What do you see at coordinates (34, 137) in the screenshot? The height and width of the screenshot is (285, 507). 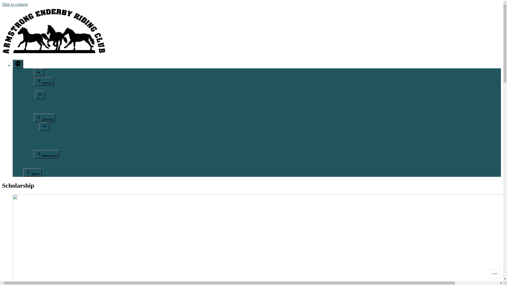 I see `'Awards'` at bounding box center [34, 137].